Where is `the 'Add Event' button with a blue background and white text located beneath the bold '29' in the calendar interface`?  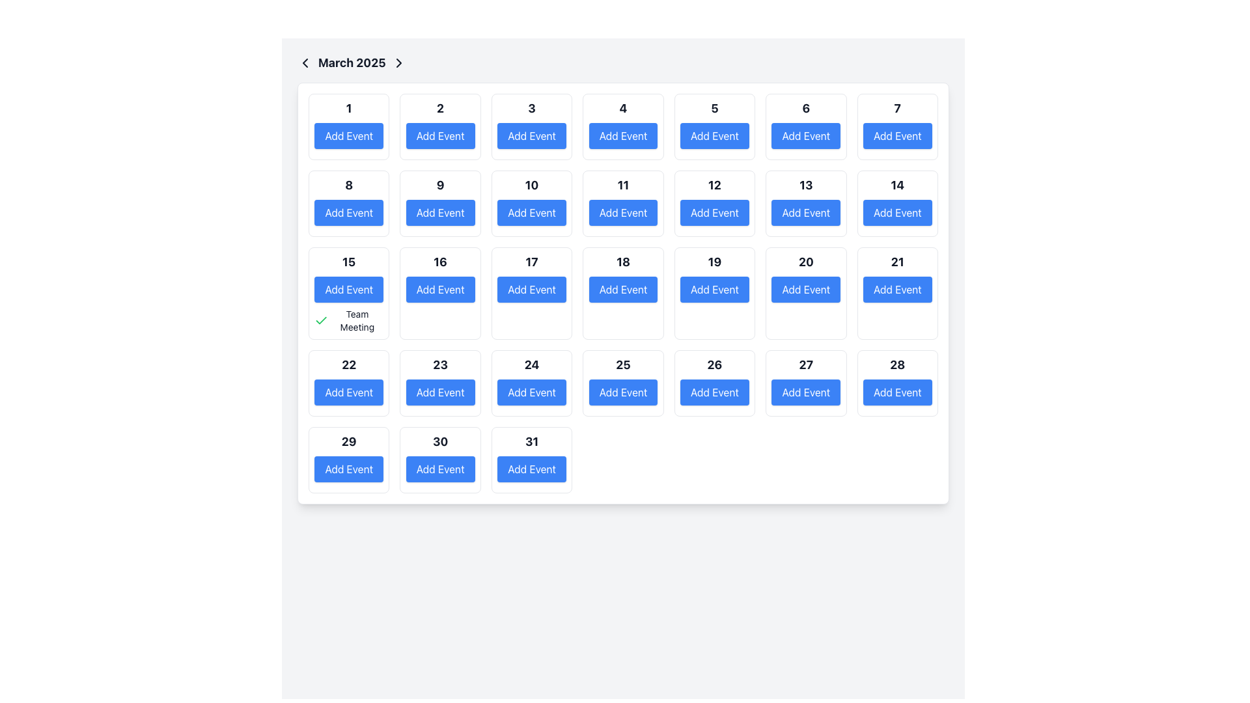
the 'Add Event' button with a blue background and white text located beneath the bold '29' in the calendar interface is located at coordinates (349, 469).